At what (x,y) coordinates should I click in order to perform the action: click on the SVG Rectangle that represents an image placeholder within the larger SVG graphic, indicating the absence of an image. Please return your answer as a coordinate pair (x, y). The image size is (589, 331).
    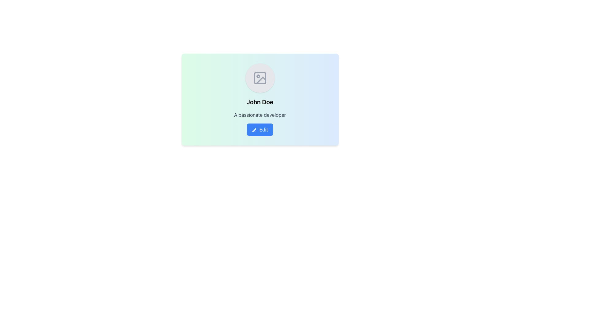
    Looking at the image, I should click on (260, 78).